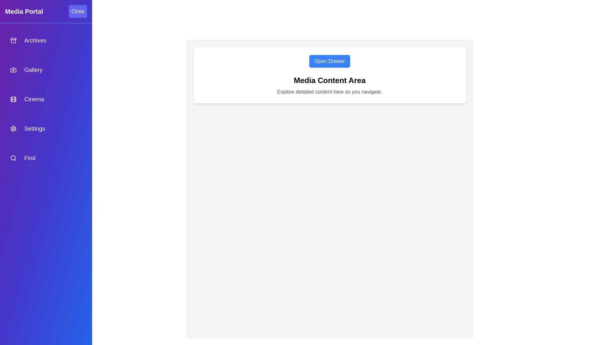  What do you see at coordinates (46, 41) in the screenshot?
I see `the navigation item Archives` at bounding box center [46, 41].